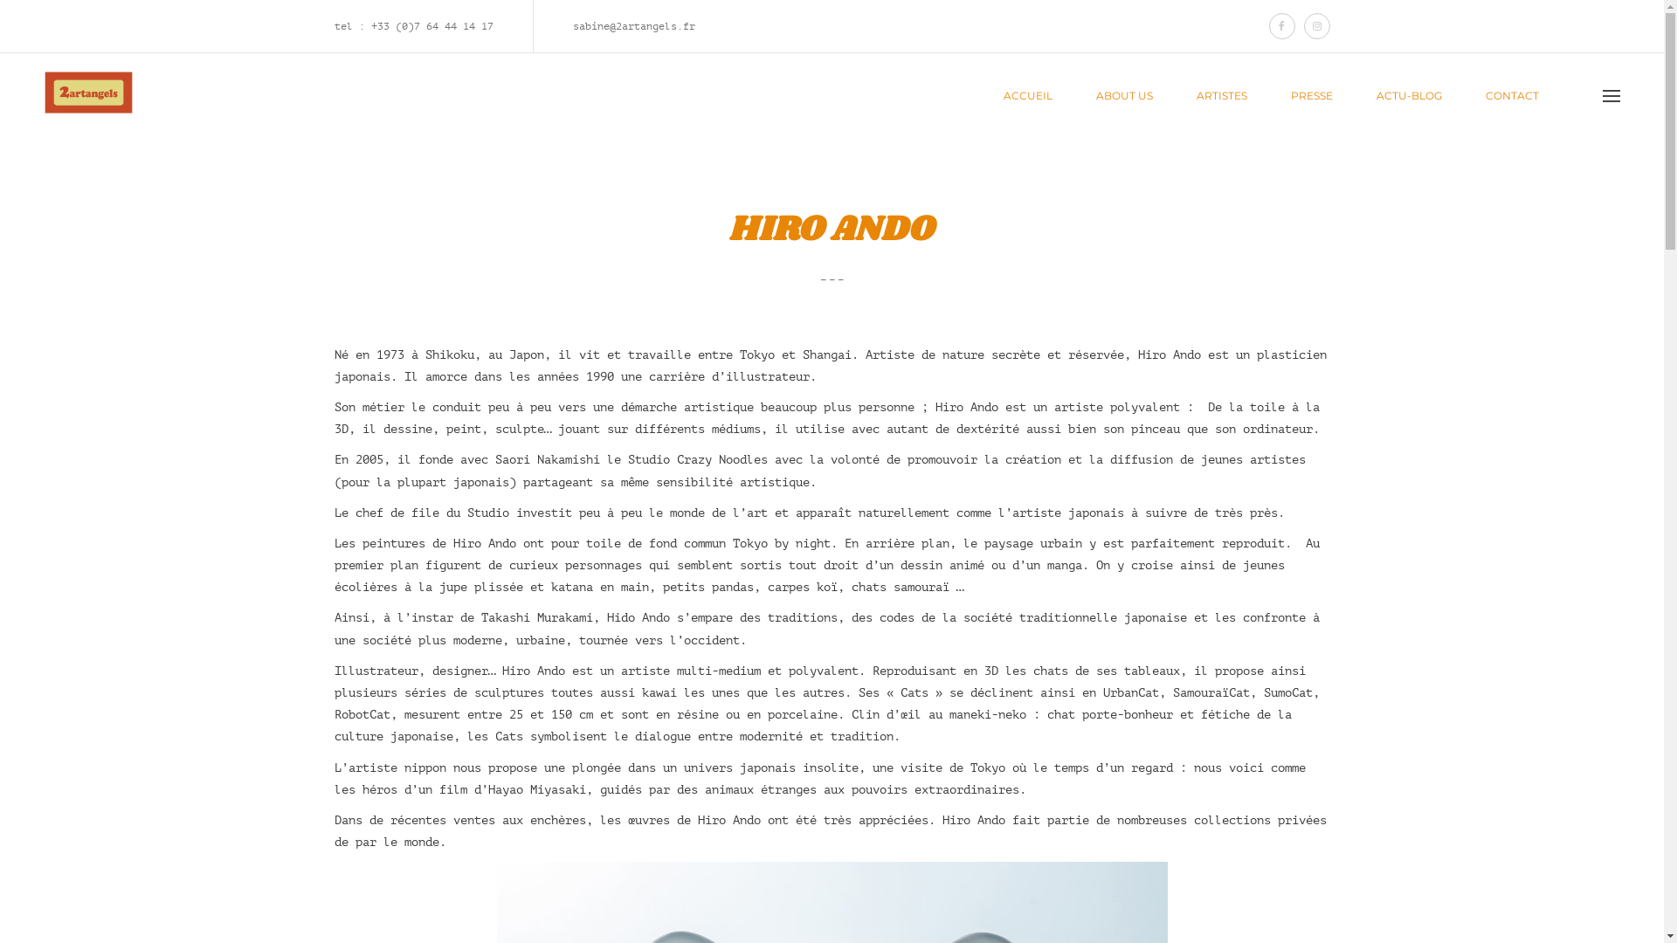 The image size is (1677, 943). What do you see at coordinates (573, 26) in the screenshot?
I see `'sabine@2artangels.fr'` at bounding box center [573, 26].